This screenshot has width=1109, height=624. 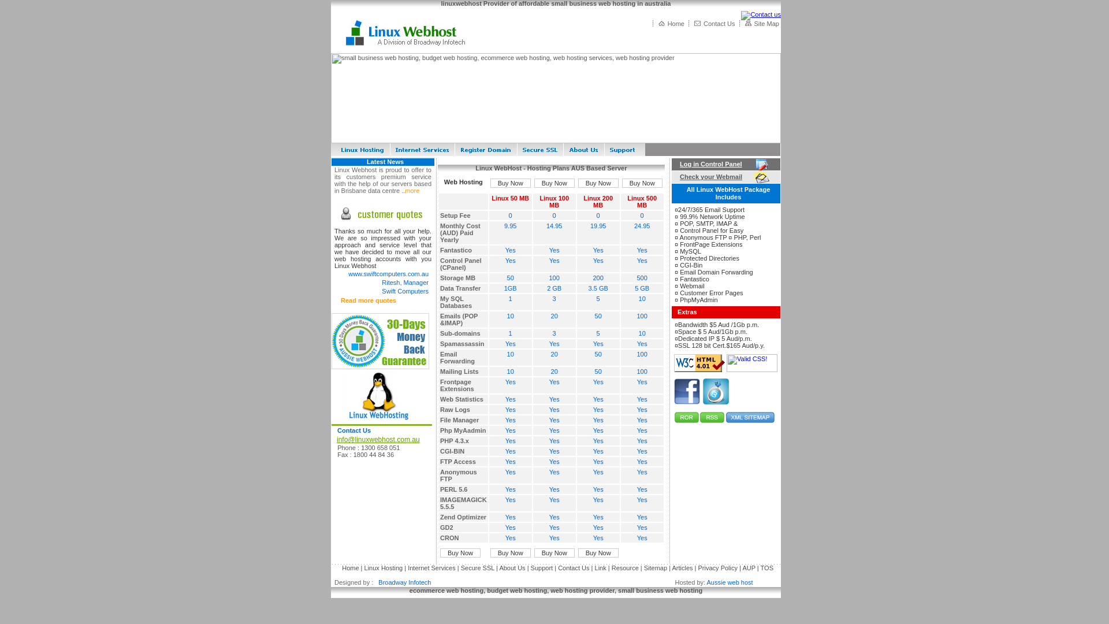 I want to click on 'Check your Webmail', so click(x=673, y=176).